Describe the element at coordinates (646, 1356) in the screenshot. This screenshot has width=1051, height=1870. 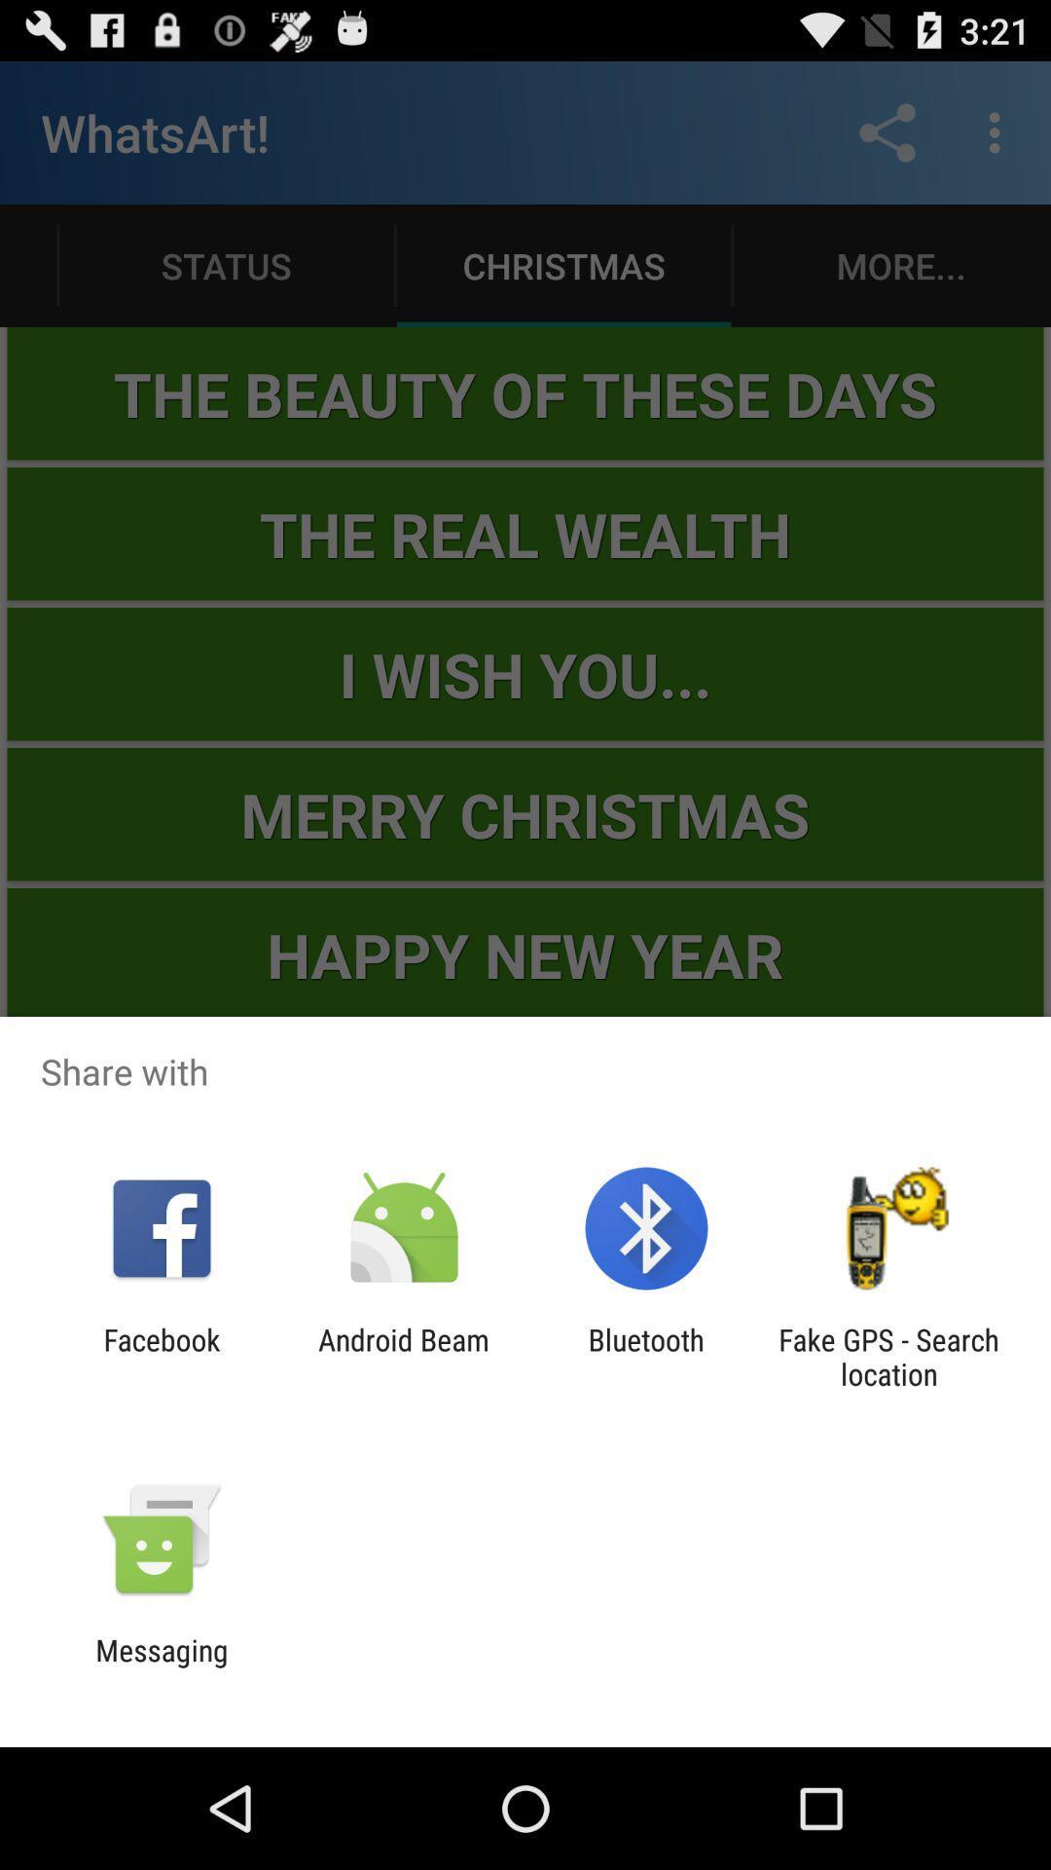
I see `the bluetooth item` at that location.